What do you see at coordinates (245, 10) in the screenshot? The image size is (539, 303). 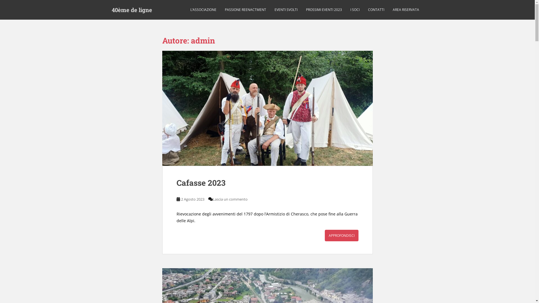 I see `'PASSIONE REENACTMENT'` at bounding box center [245, 10].